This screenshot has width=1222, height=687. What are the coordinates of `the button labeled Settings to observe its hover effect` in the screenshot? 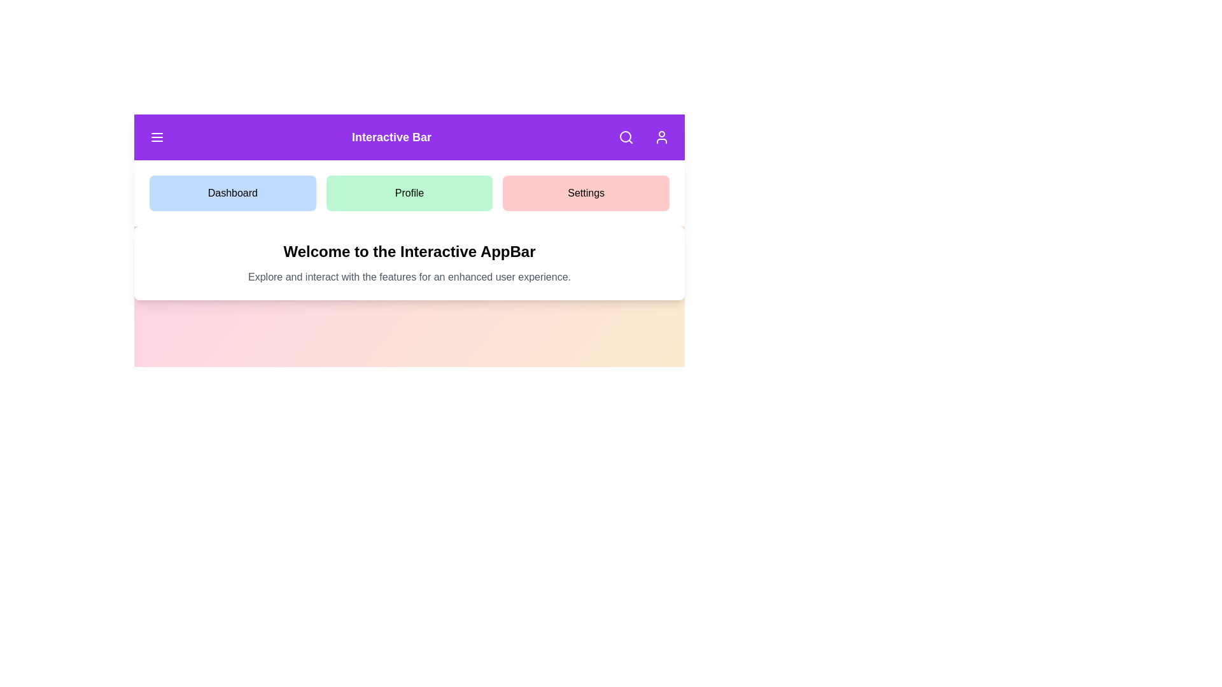 It's located at (586, 193).